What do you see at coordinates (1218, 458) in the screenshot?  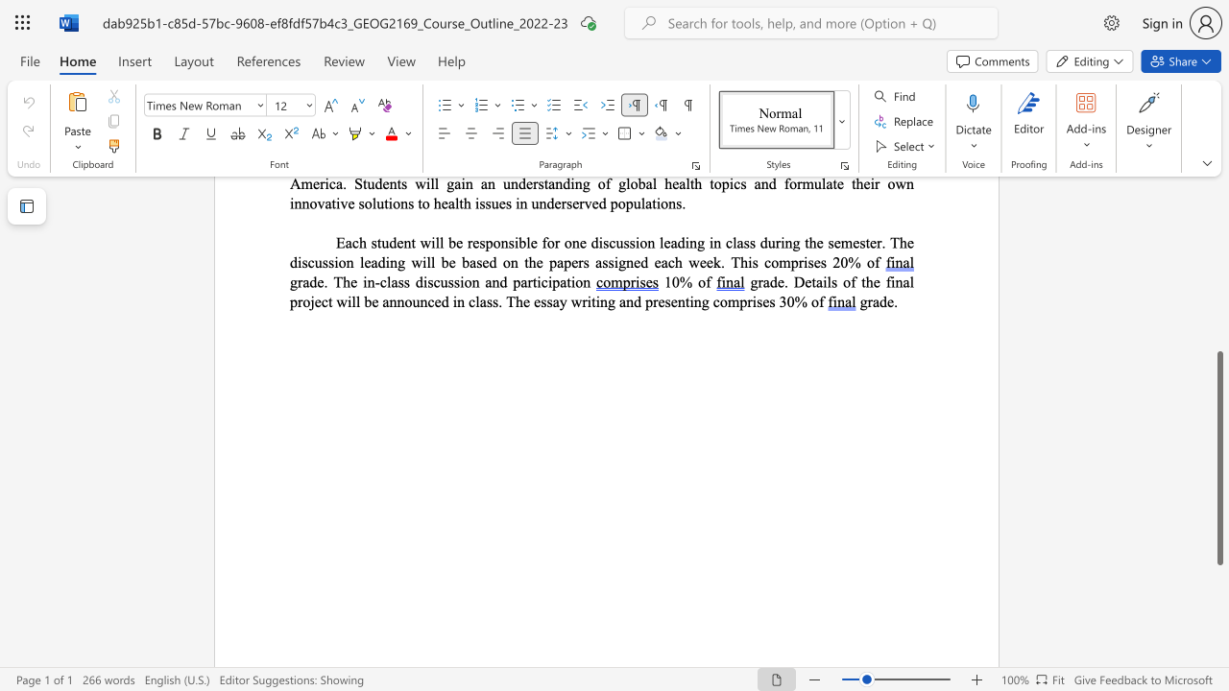 I see `the scrollbar and move up 90 pixels` at bounding box center [1218, 458].